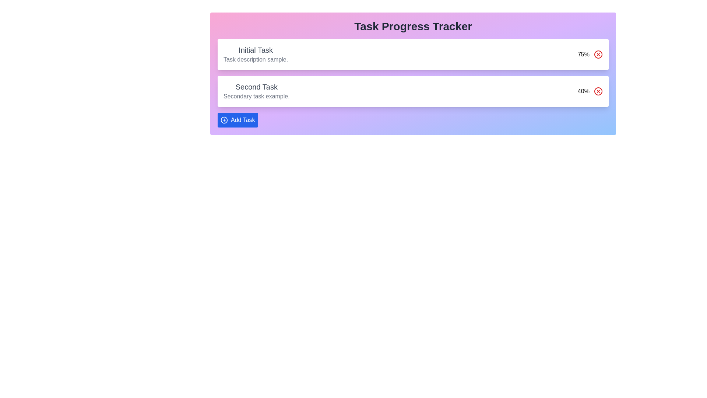  Describe the element at coordinates (598, 91) in the screenshot. I see `the 'Remove' button for the task identified by Second Task` at that location.